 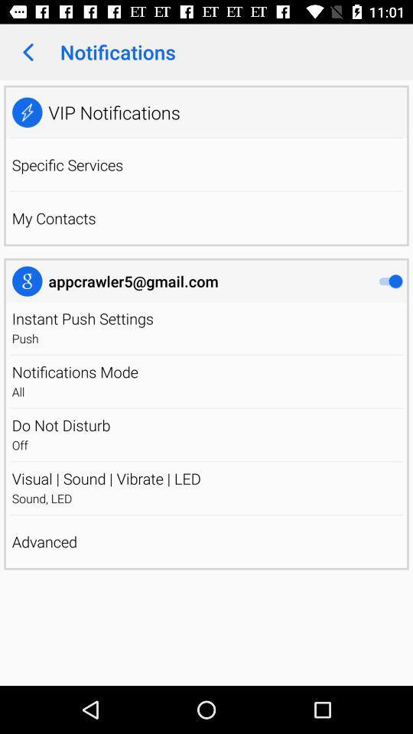 What do you see at coordinates (206, 391) in the screenshot?
I see `the all icon` at bounding box center [206, 391].